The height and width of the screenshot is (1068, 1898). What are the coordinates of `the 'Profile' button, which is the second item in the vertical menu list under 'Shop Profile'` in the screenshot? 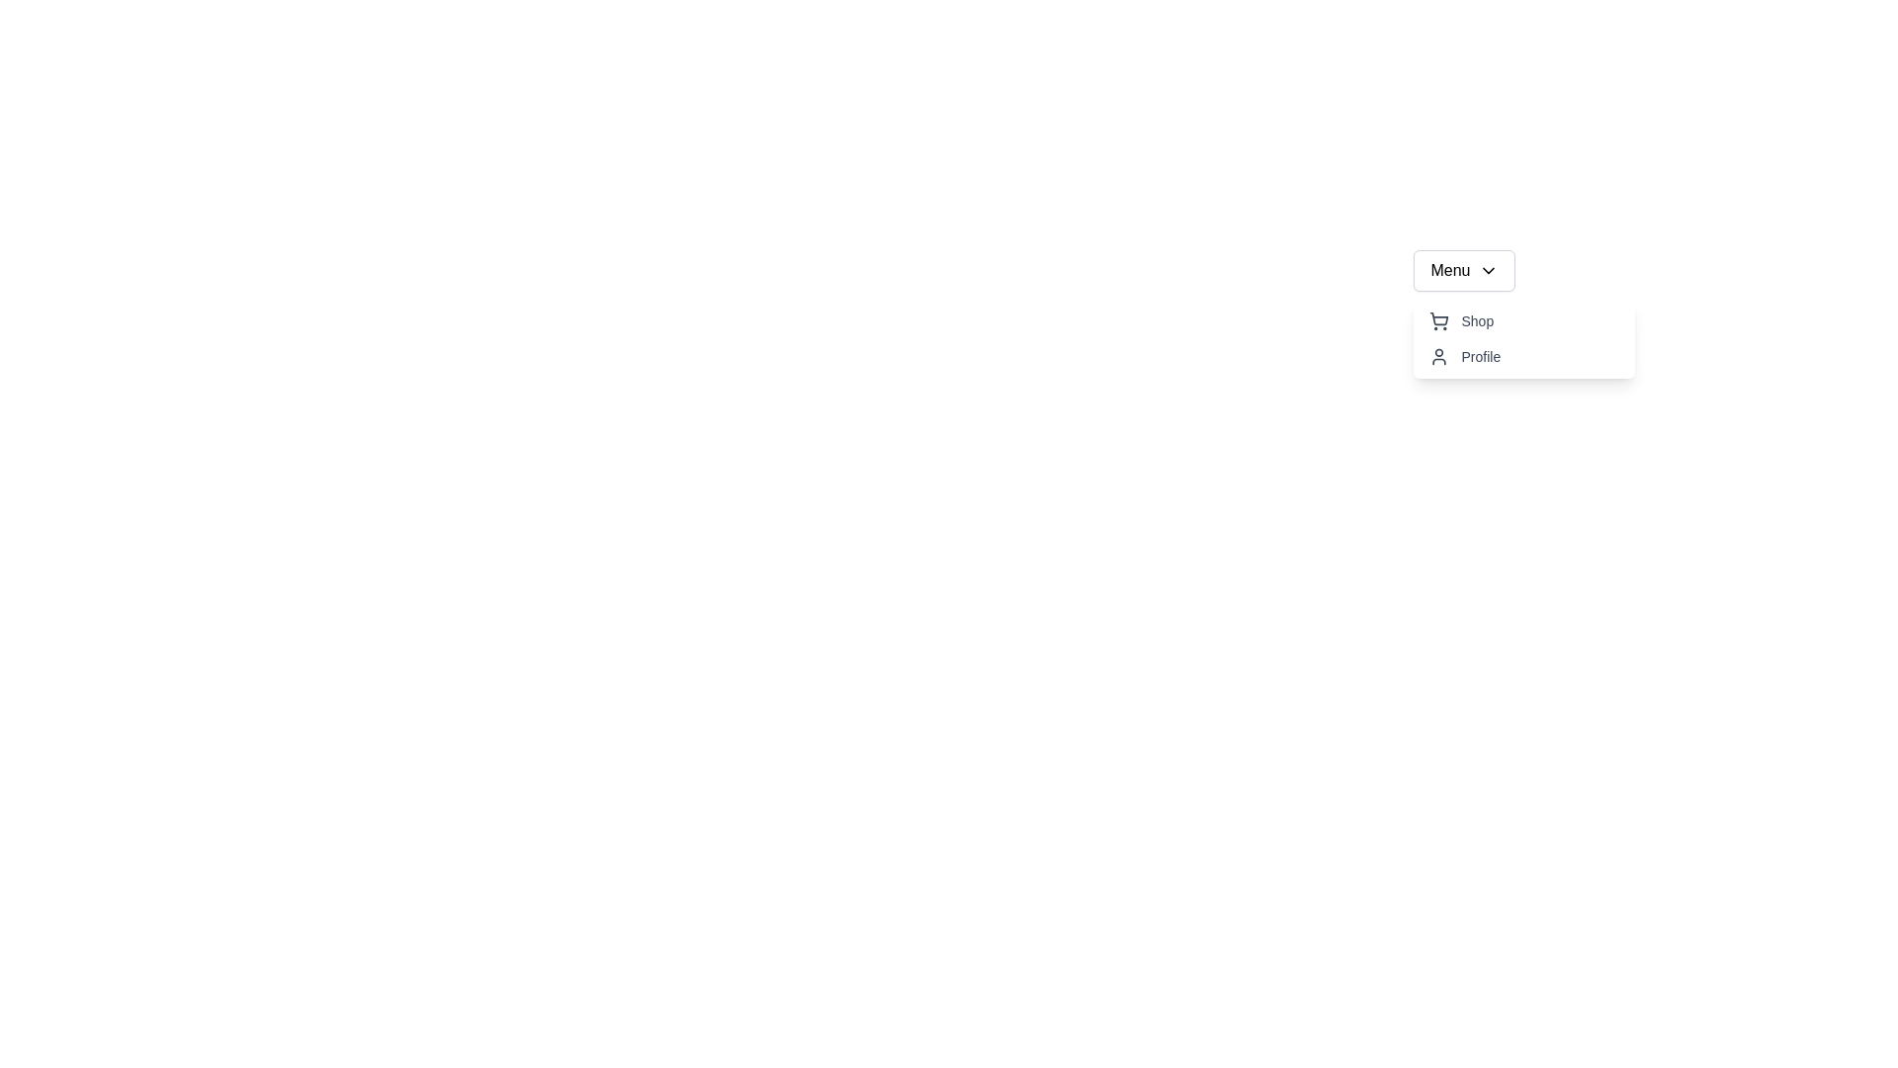 It's located at (1523, 357).